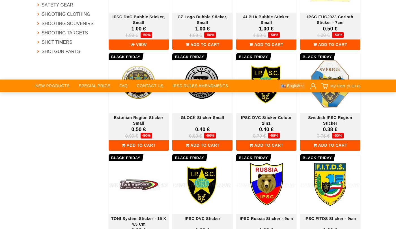 The height and width of the screenshot is (229, 396). Describe the element at coordinates (190, 80) in the screenshot. I see `'Ordering and Delivery'` at that location.